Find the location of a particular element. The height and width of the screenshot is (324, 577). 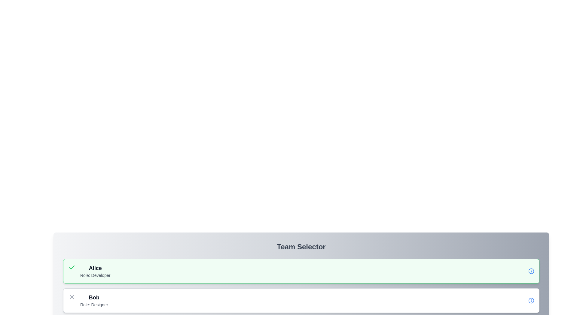

the remove icon for the list entry of 'Bob' (Designer) to indicate the option to deselect the associated entry is located at coordinates (72, 297).